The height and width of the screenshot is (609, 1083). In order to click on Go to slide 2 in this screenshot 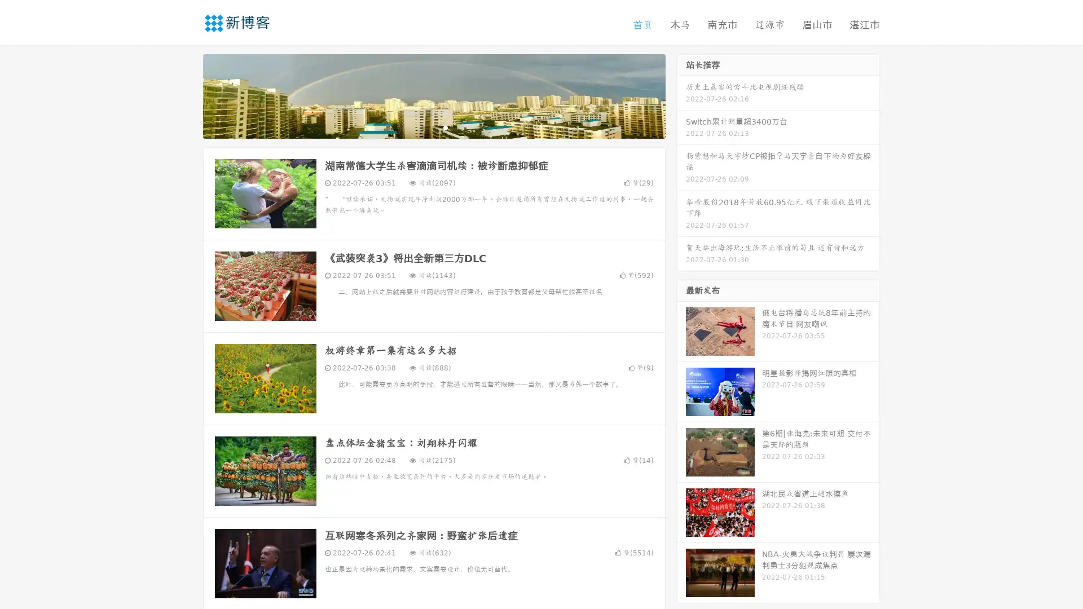, I will do `click(433, 127)`.